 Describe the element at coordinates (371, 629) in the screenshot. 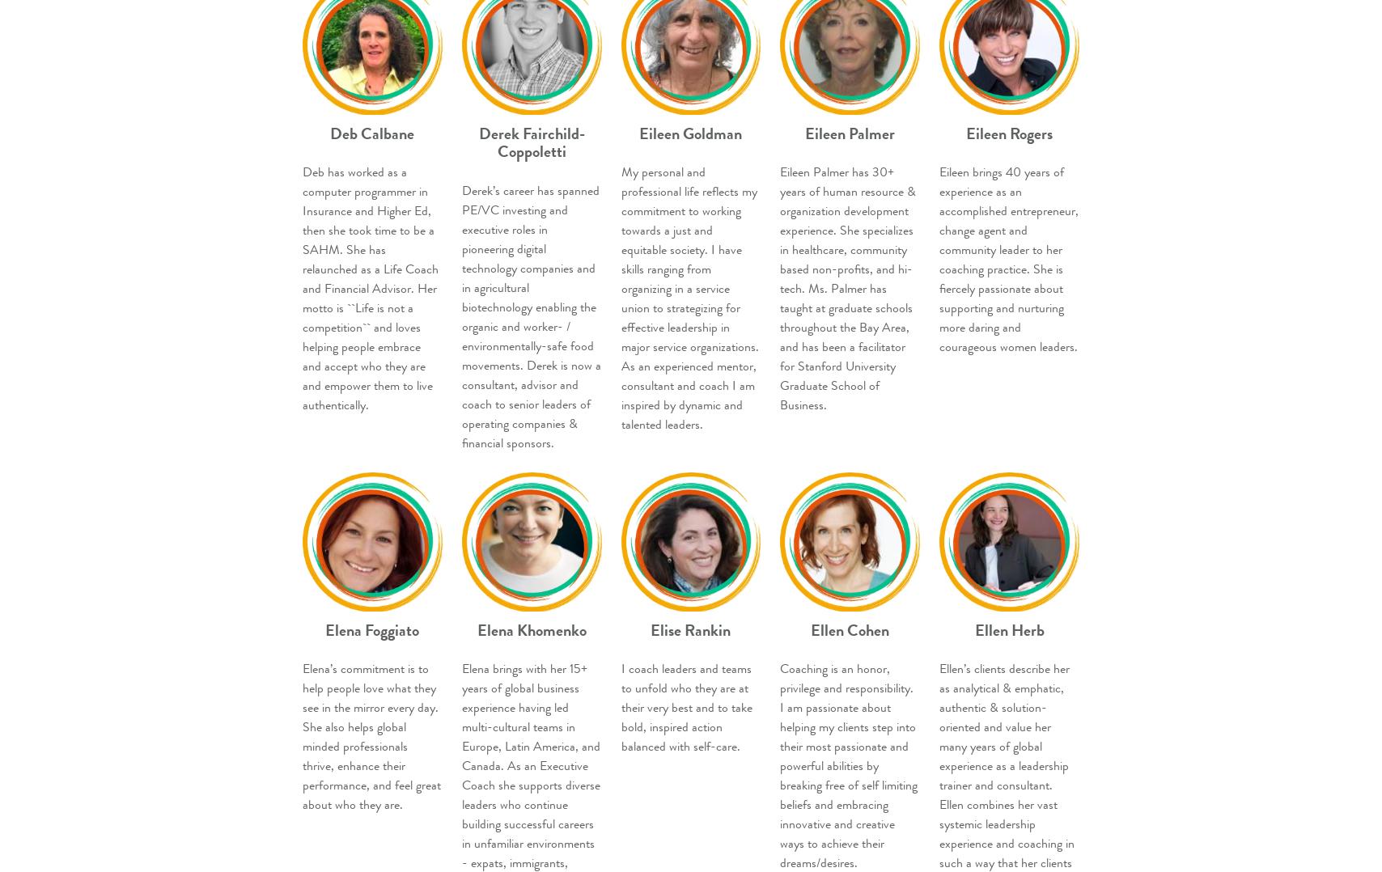

I see `'Elena Foggiato'` at that location.